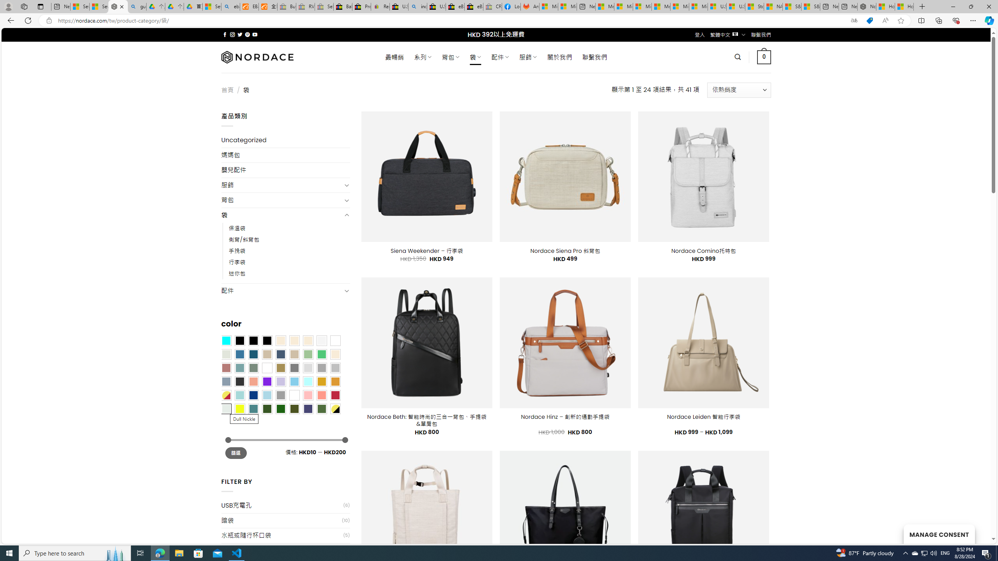  What do you see at coordinates (308, 340) in the screenshot?
I see `'Cream'` at bounding box center [308, 340].